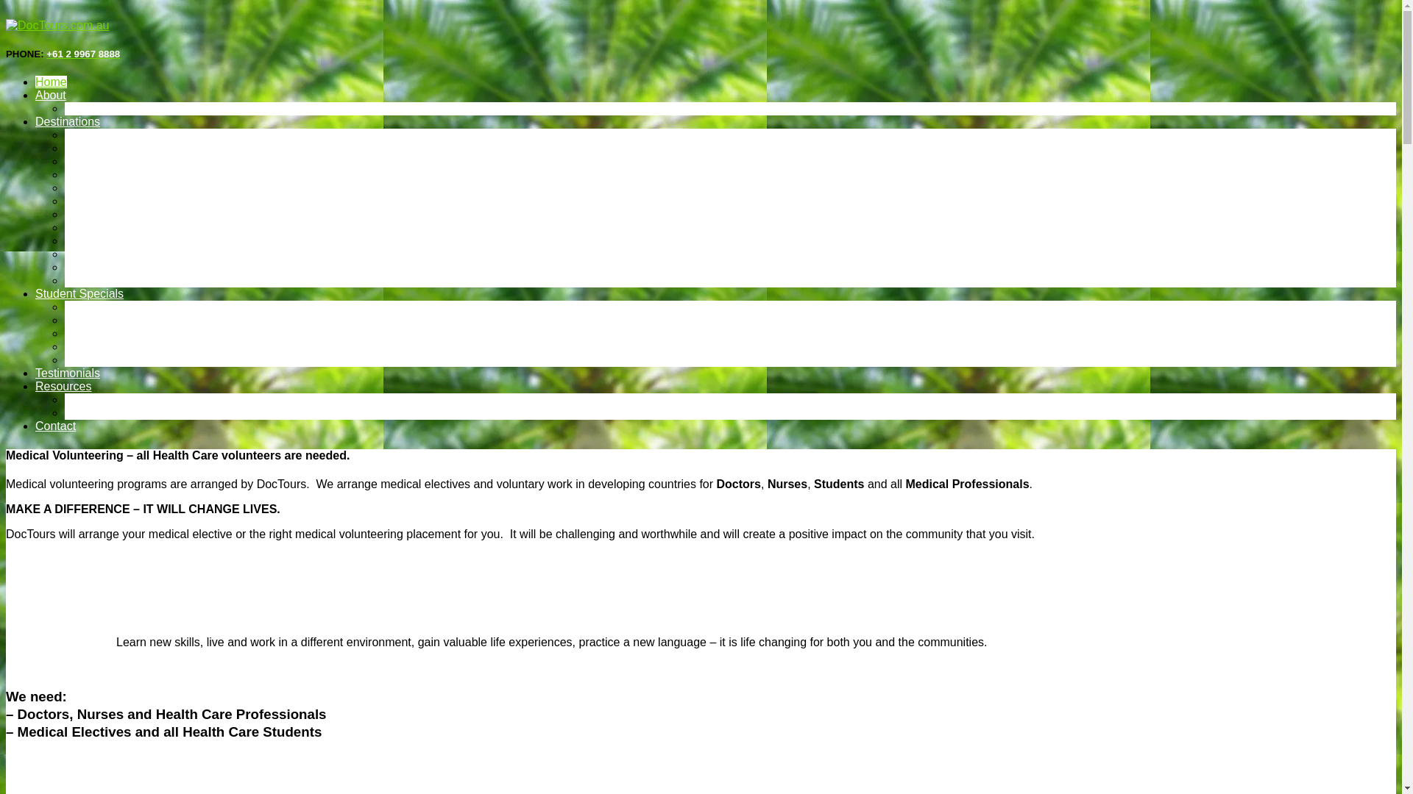 The image size is (1413, 794). Describe the element at coordinates (85, 174) in the screenshot. I see `'Namibia'` at that location.